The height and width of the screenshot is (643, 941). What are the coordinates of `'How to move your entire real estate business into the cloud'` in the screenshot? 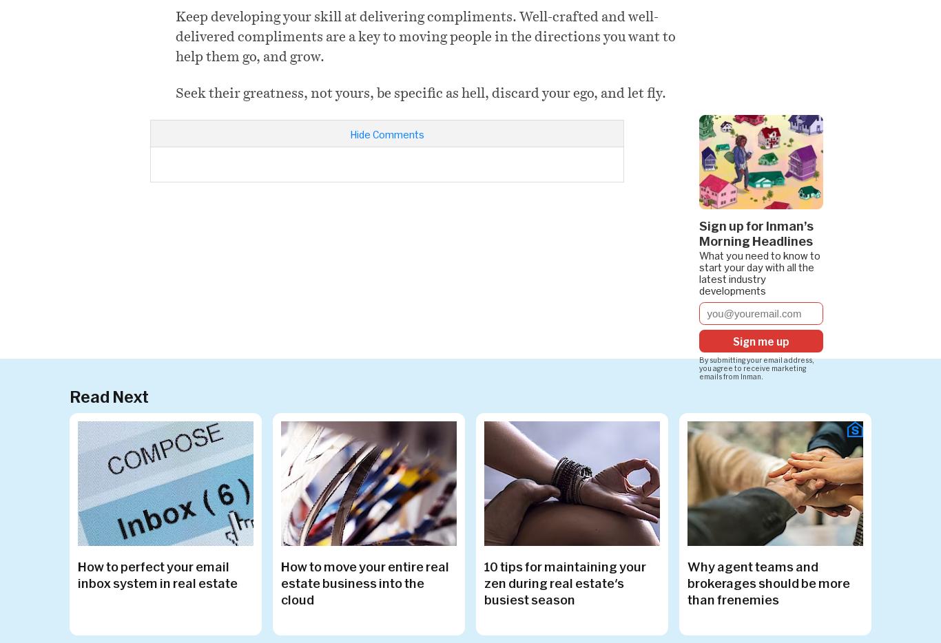 It's located at (364, 582).